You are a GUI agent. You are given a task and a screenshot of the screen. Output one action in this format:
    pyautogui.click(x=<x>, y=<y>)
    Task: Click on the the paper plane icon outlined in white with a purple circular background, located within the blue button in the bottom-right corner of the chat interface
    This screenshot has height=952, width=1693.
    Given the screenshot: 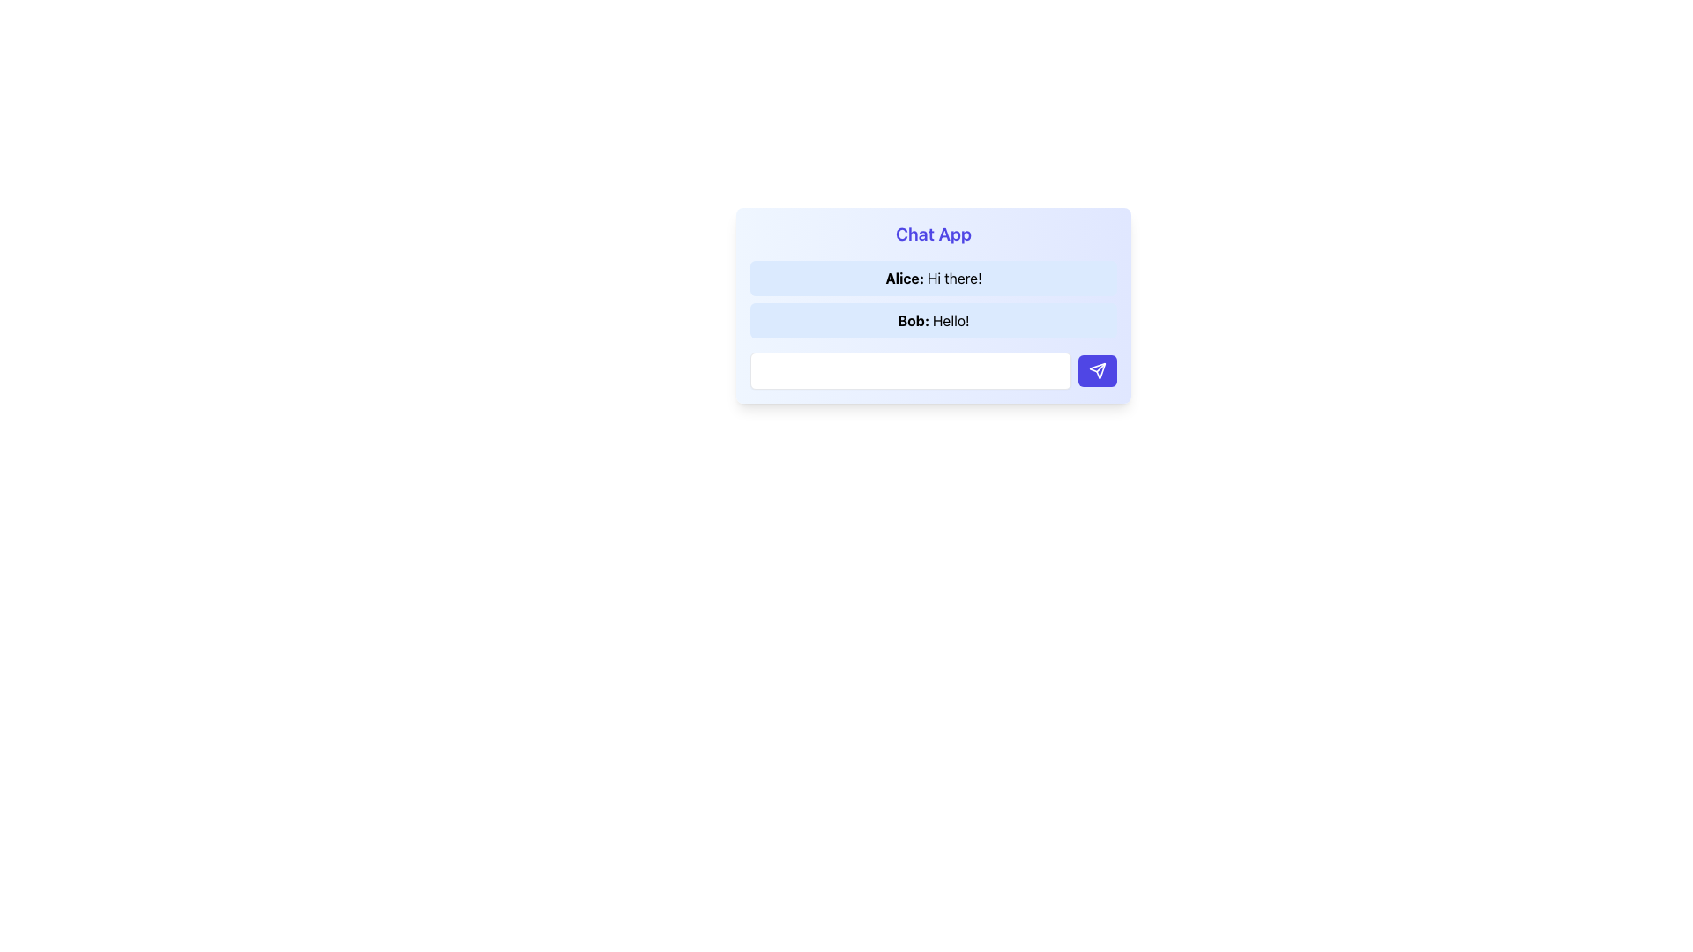 What is the action you would take?
    pyautogui.click(x=1096, y=369)
    